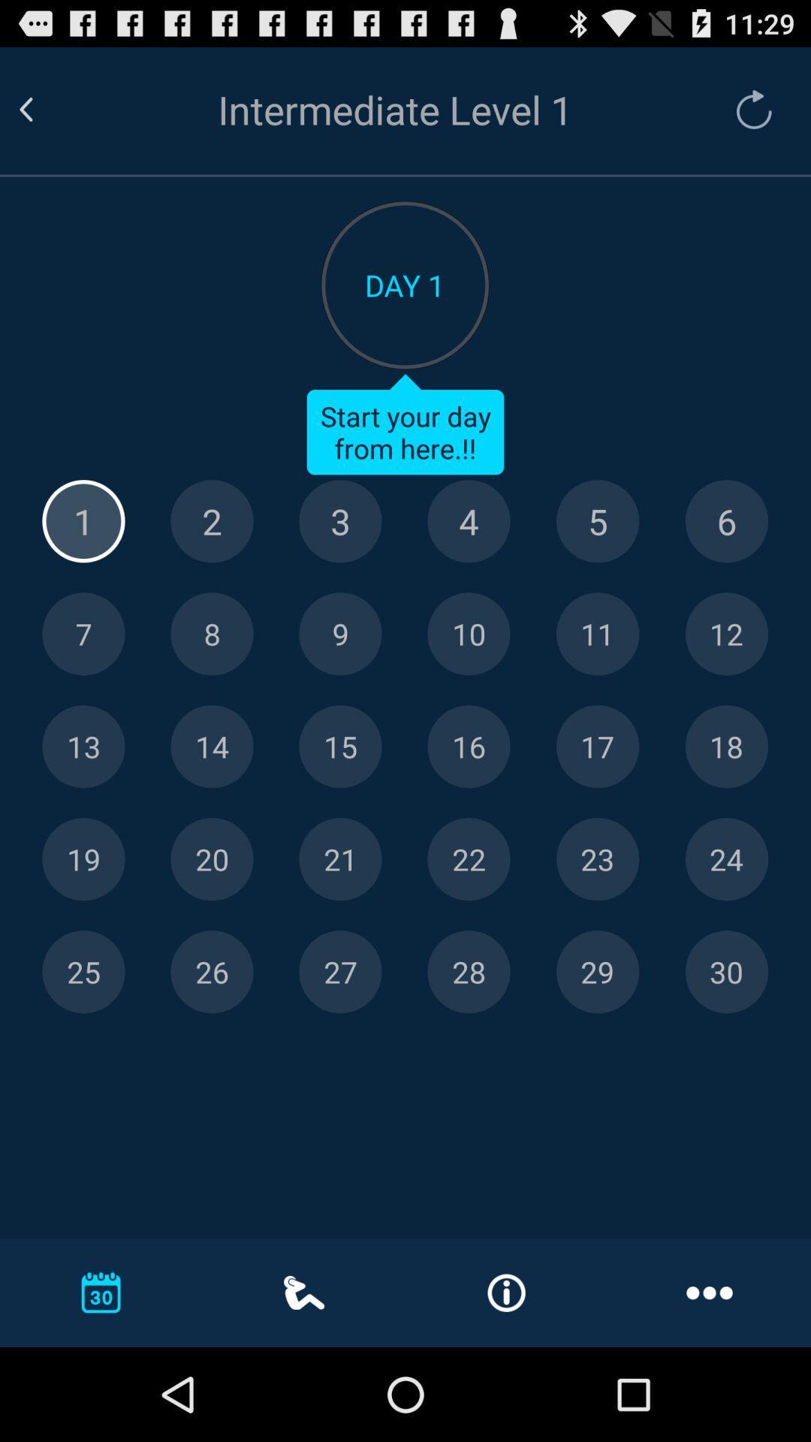 The image size is (811, 1442). I want to click on click the day 26, so click(212, 972).